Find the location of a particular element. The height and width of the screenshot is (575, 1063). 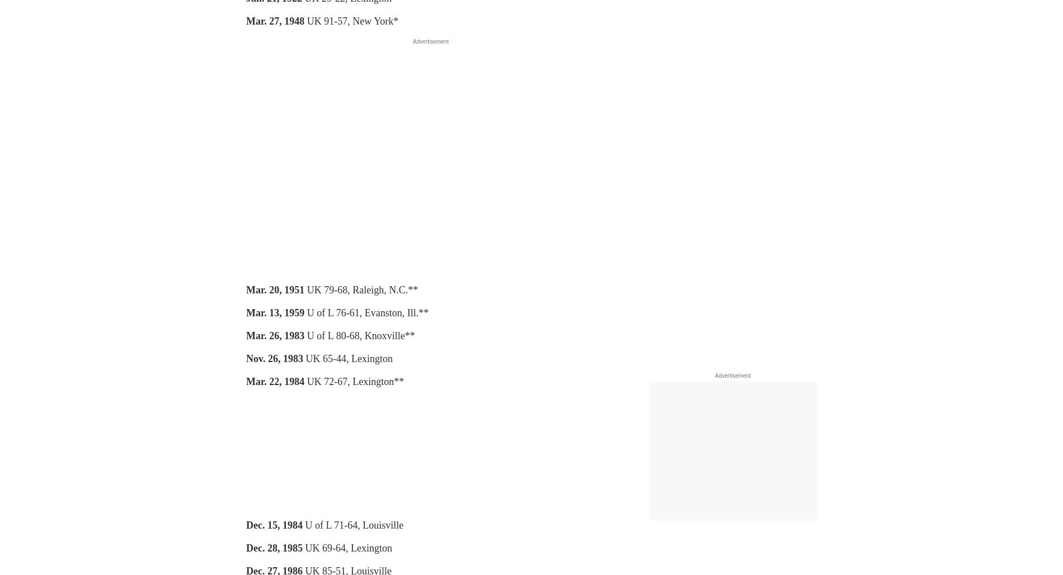

'UK 69-64, Lexington' is located at coordinates (346, 548).